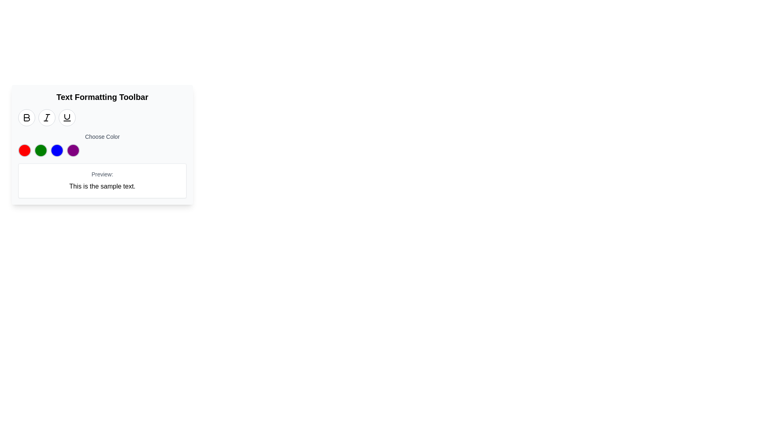 Image resolution: width=777 pixels, height=437 pixels. What do you see at coordinates (67, 117) in the screenshot?
I see `the underline formatting button, which is the third button in the Text Formatting Toolbar, represented by an underlined 'U' symbol within a circular design` at bounding box center [67, 117].